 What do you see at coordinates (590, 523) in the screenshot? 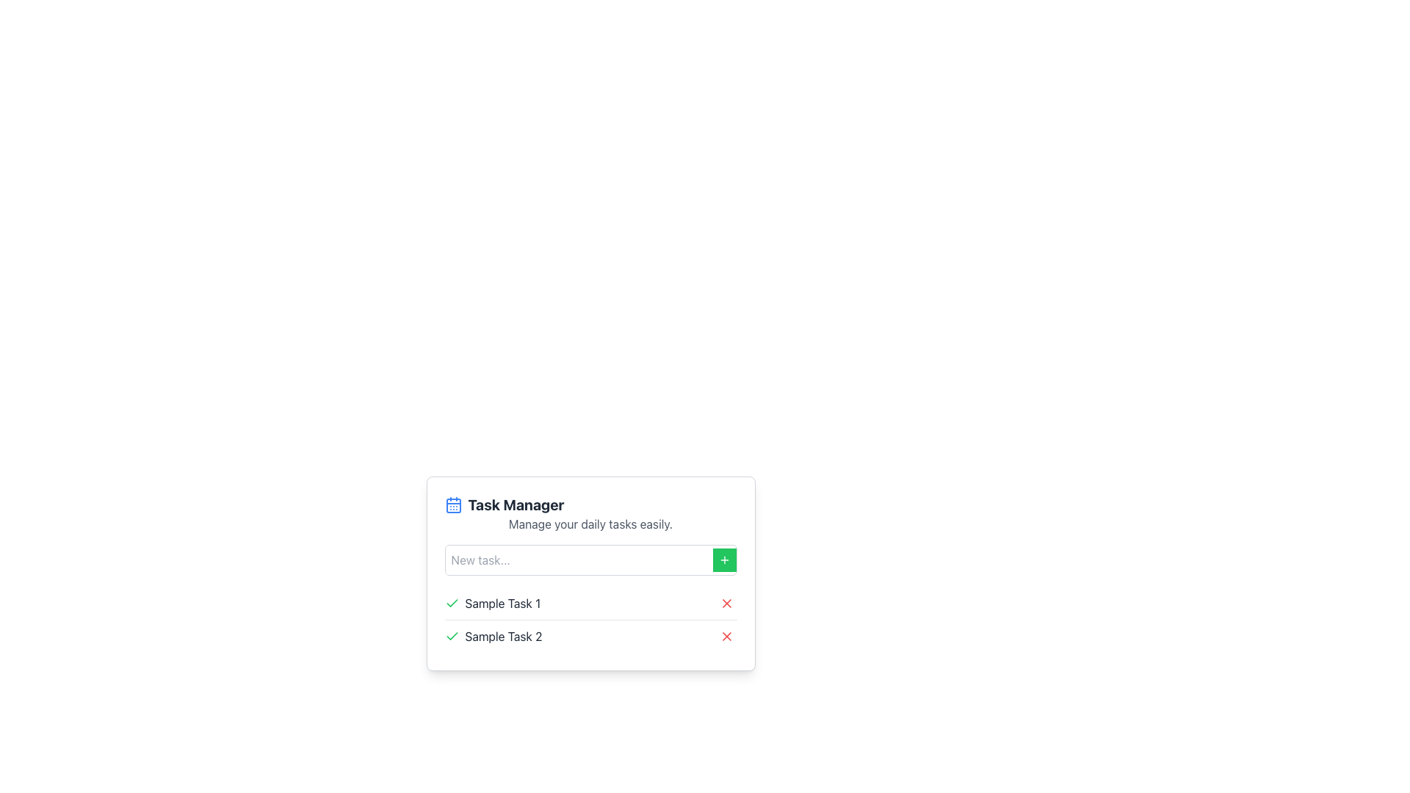
I see `the text element displaying 'Manage your daily tasks easily.' which is located beneath the title 'Task Manager'` at bounding box center [590, 523].